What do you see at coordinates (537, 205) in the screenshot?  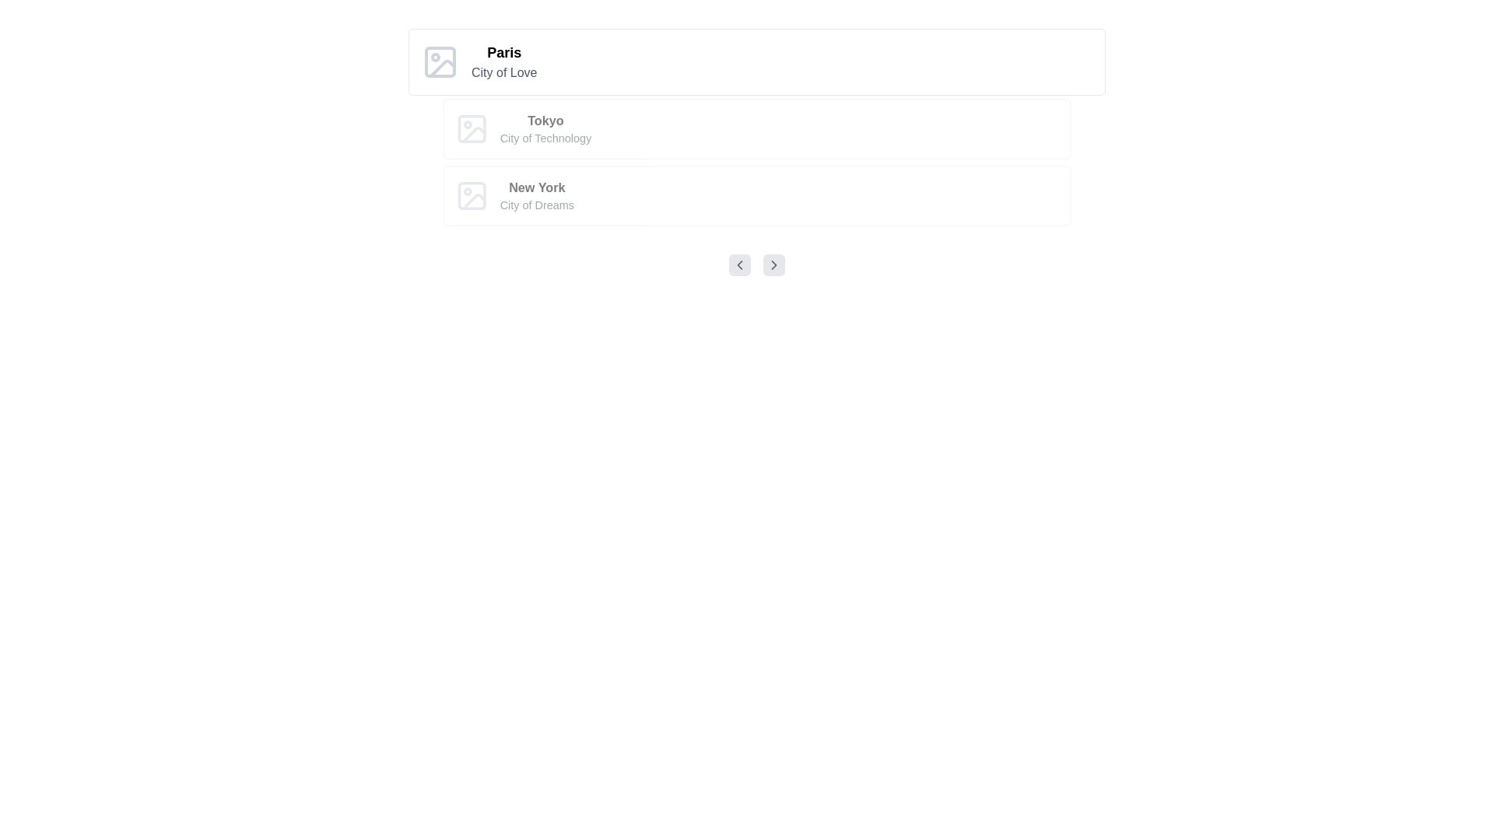 I see `accessibility properties of the text label displaying 'City of Dreams', which is styled in light gray and located below the title 'New York' in the list of city information` at bounding box center [537, 205].